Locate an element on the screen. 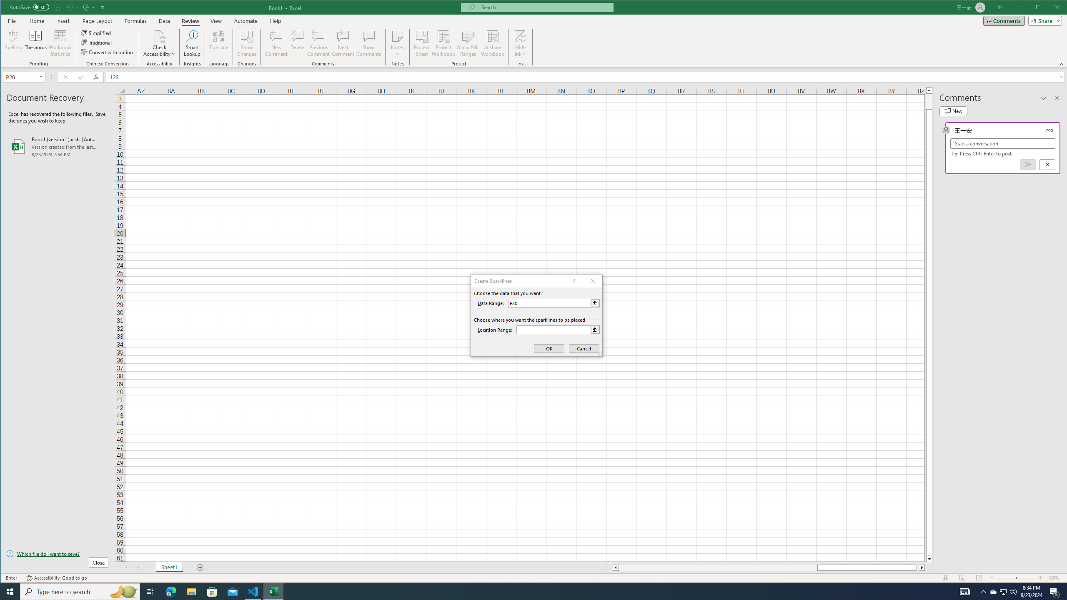 Image resolution: width=1067 pixels, height=600 pixels. 'Automate' is located at coordinates (246, 20).